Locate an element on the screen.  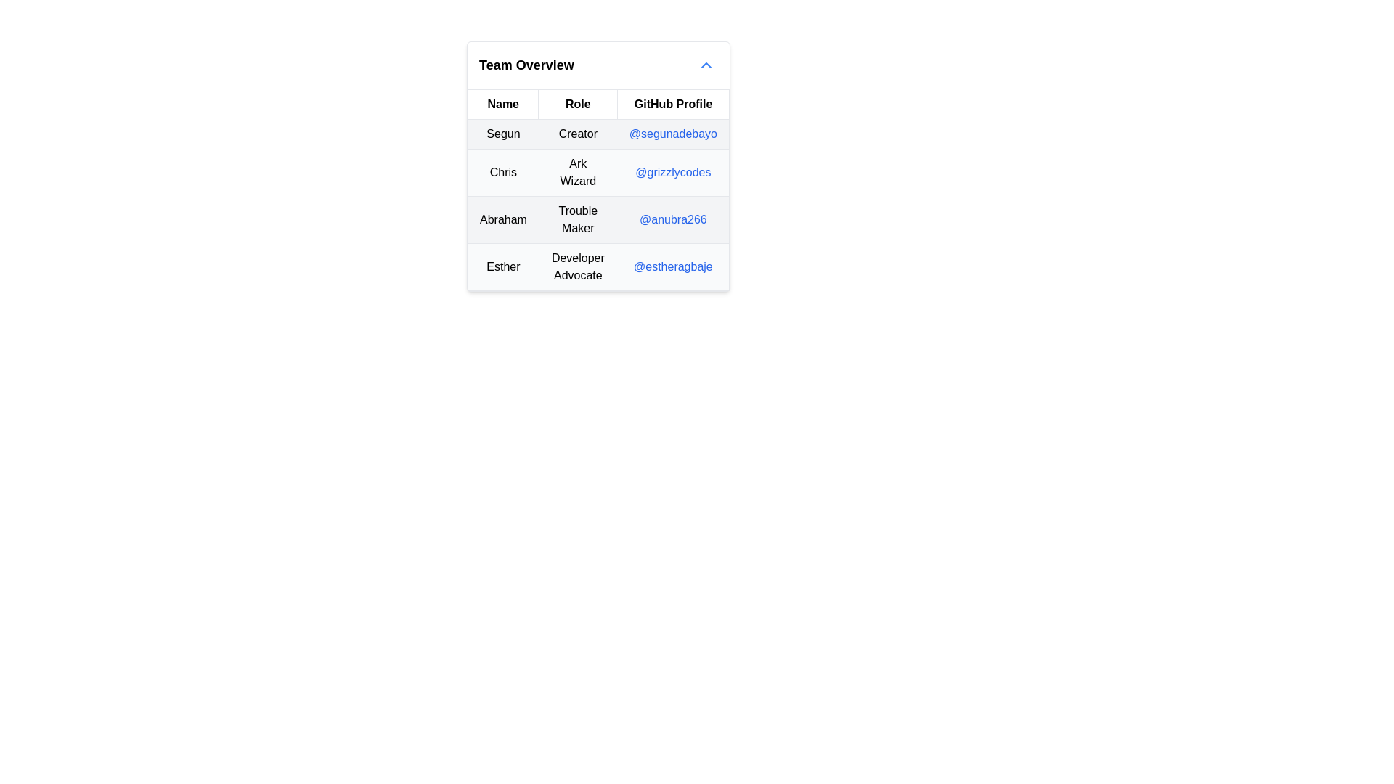
the text label displaying 'Segun' in the leftmost column of the 'Team Overview' card, which is the first item in the 'Name' column is located at coordinates (503, 134).